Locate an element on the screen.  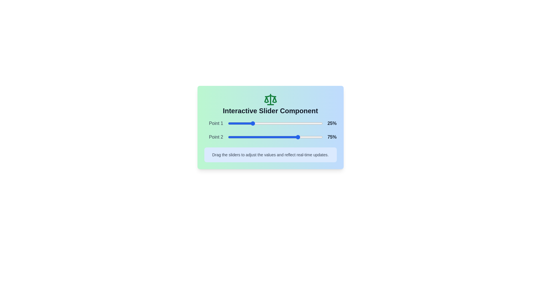
the slider to set its value to 52% is located at coordinates (277, 123).